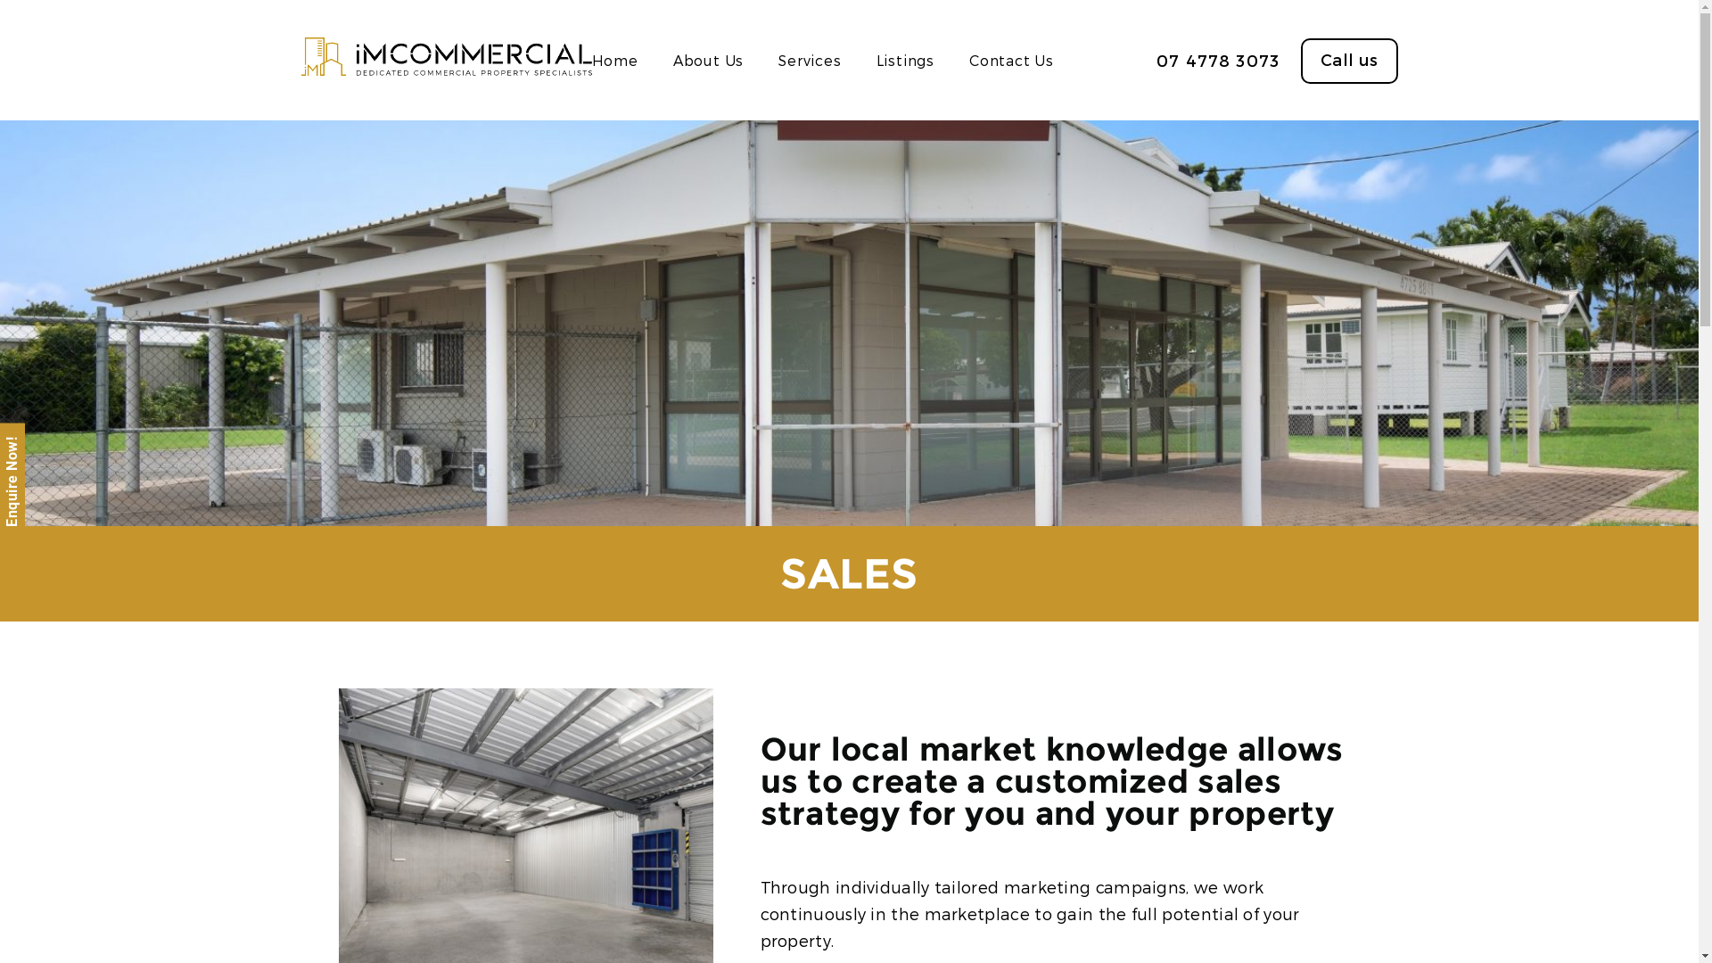 Image resolution: width=1712 pixels, height=963 pixels. What do you see at coordinates (967, 59) in the screenshot?
I see `'Contact Us'` at bounding box center [967, 59].